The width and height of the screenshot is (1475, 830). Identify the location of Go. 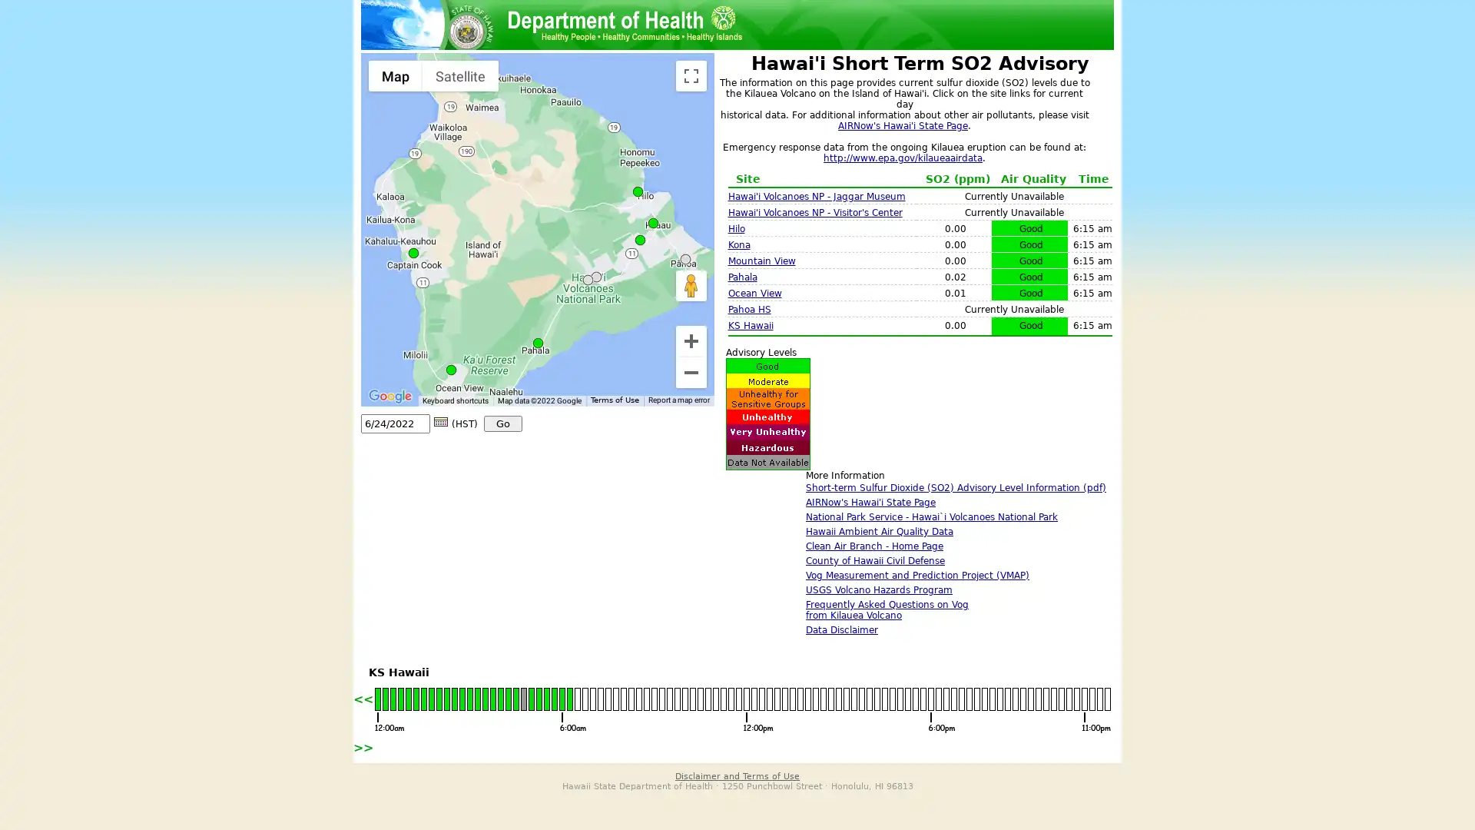
(502, 423).